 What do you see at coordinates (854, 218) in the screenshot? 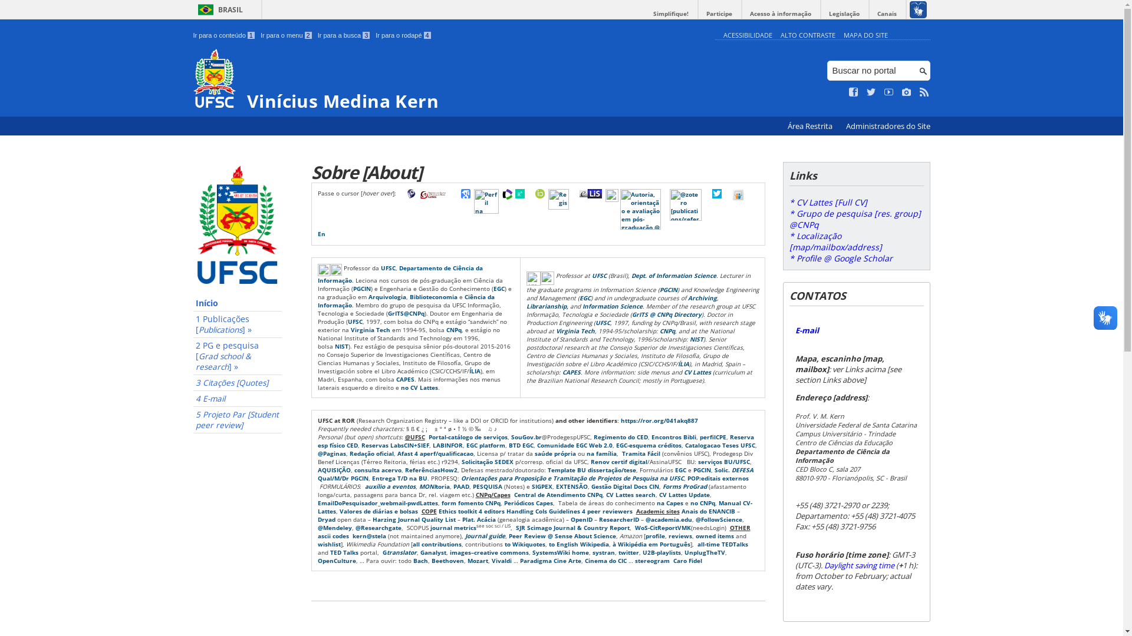
I see `'* Grupo de pesquisa [res. group] @CNPq'` at bounding box center [854, 218].